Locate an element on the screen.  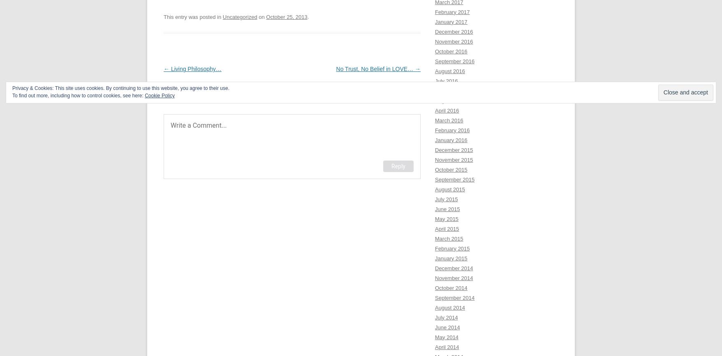
'September 2014' is located at coordinates (454, 297).